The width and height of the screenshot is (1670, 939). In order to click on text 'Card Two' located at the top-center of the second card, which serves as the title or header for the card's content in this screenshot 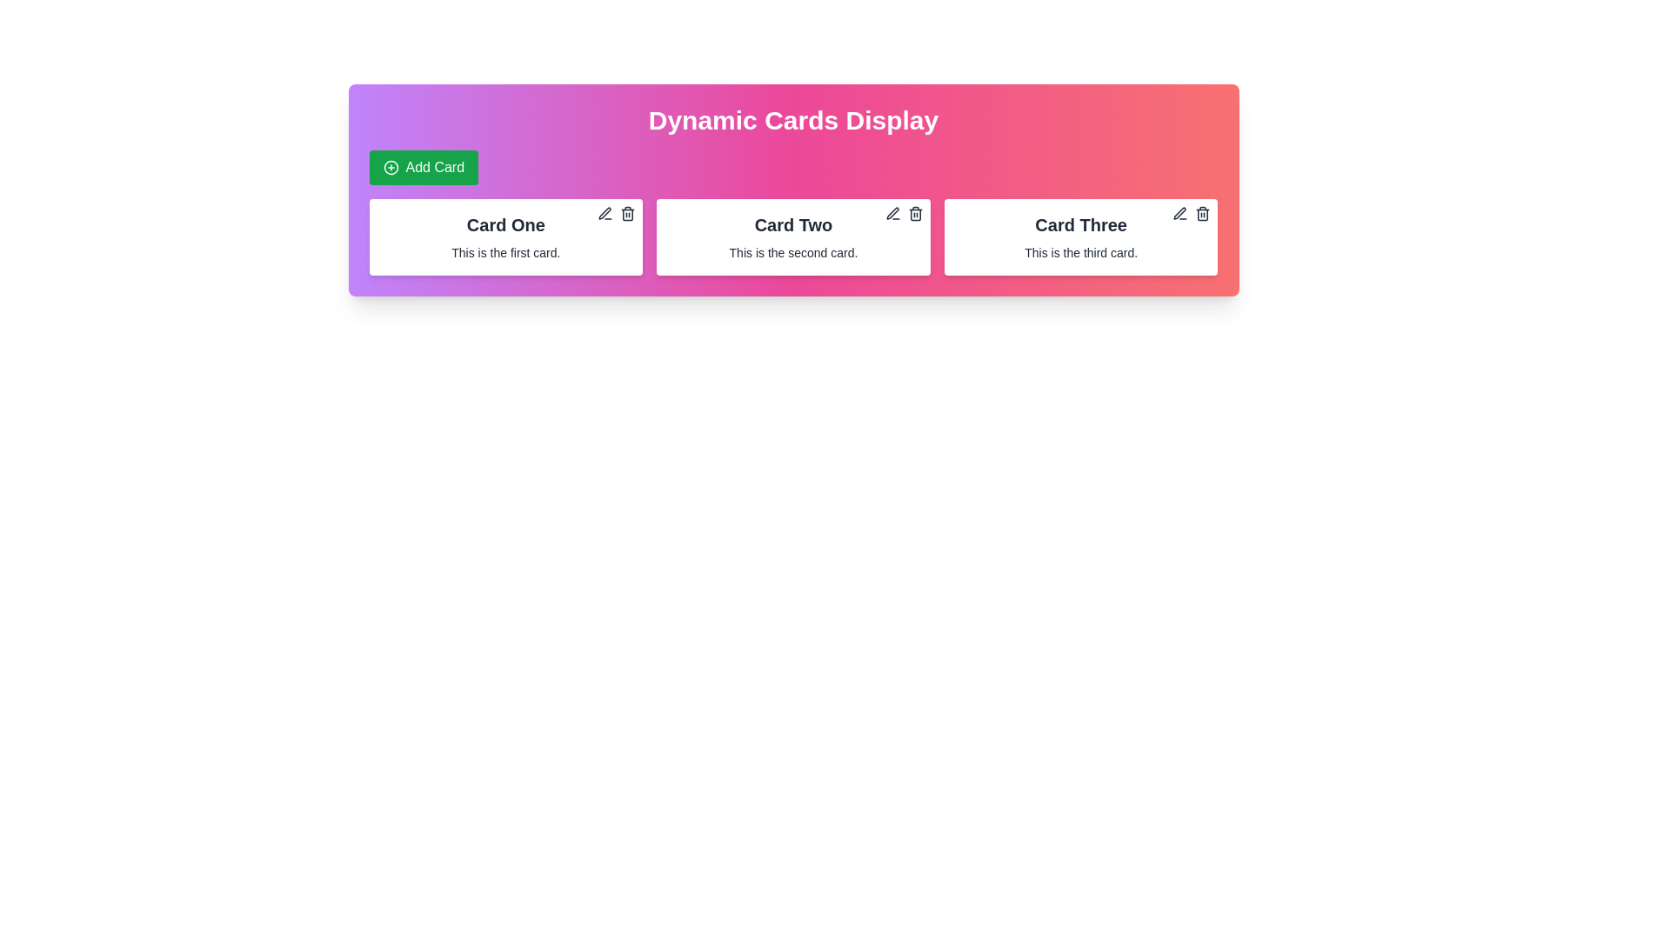, I will do `click(792, 223)`.